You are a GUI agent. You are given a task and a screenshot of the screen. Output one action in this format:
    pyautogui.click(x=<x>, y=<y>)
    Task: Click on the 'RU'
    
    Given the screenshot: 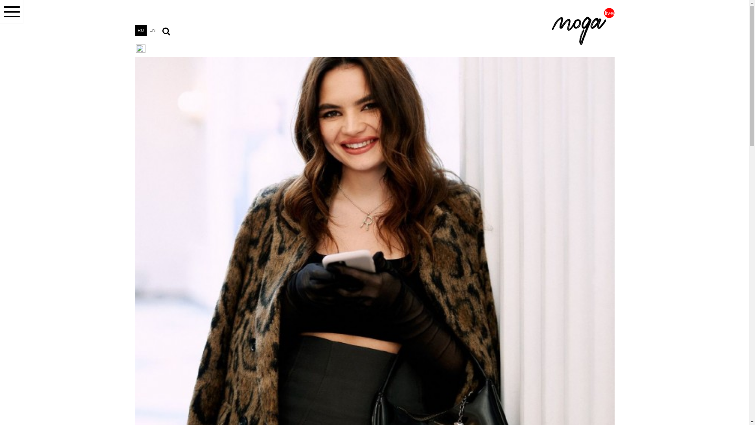 What is the action you would take?
    pyautogui.click(x=140, y=30)
    